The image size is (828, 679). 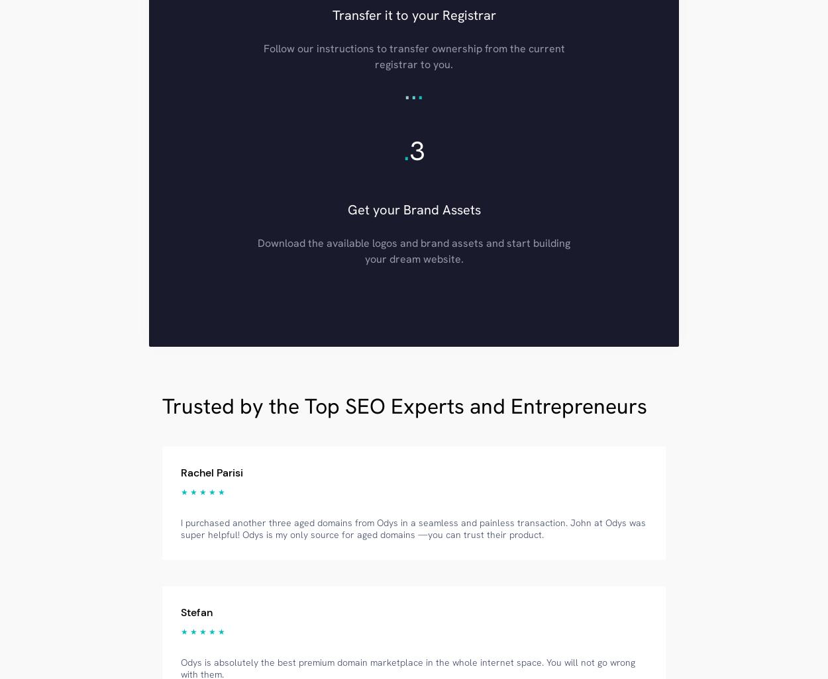 I want to click on 'I purchased another three aged domains from Odys in a seamless and painless transaction. John at Odys was super helpful! Odys is my only source for aged domains —you can trust their product.', so click(x=413, y=528).